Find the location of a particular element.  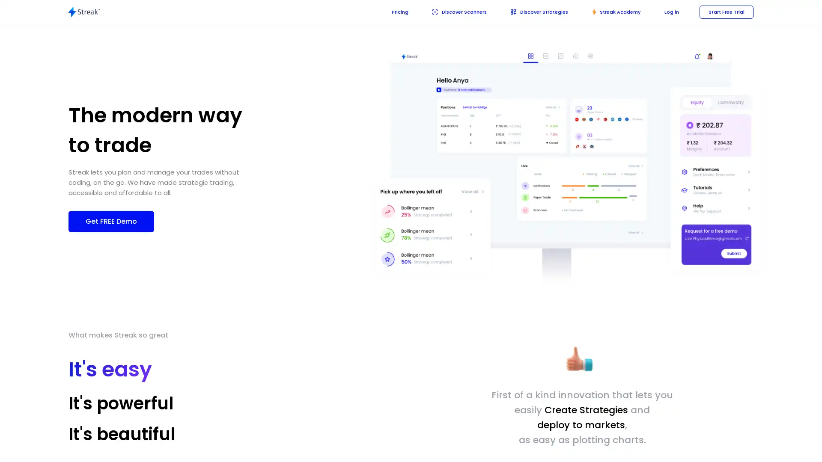

It's beautiful is located at coordinates (121, 434).